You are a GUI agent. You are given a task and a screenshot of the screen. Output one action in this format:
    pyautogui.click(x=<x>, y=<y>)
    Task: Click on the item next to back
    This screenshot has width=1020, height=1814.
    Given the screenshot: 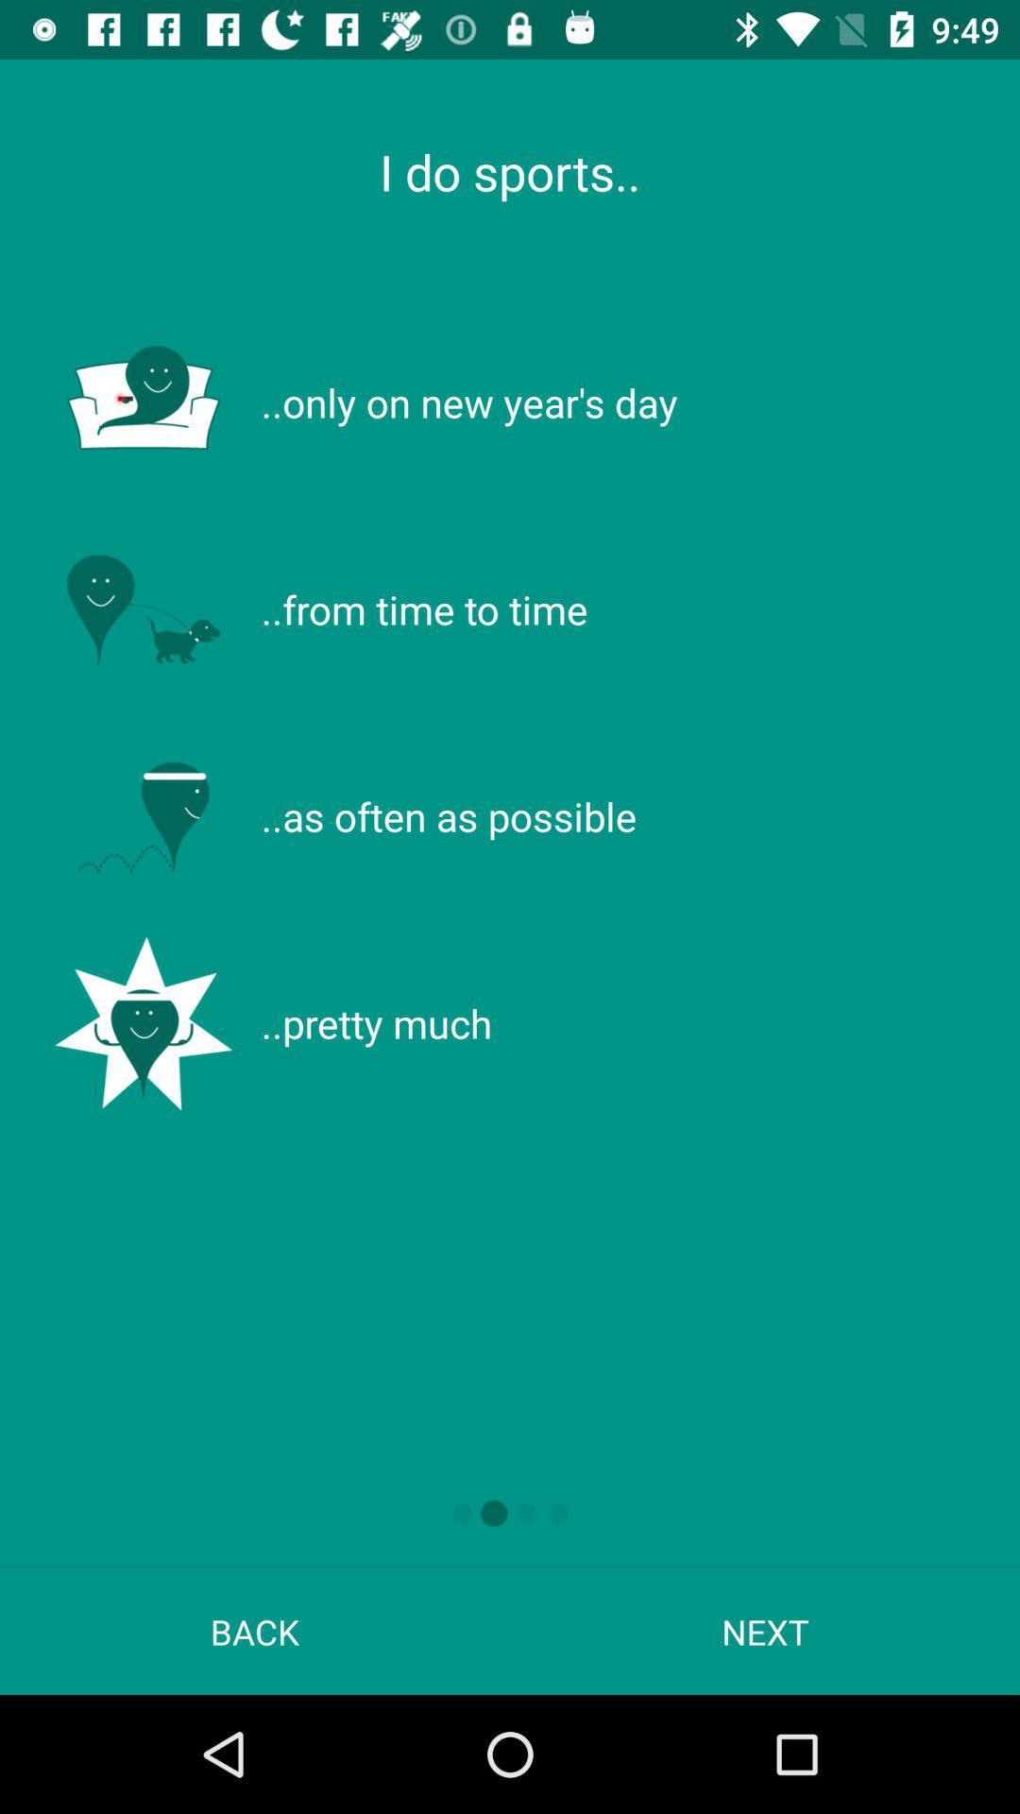 What is the action you would take?
    pyautogui.click(x=765, y=1631)
    